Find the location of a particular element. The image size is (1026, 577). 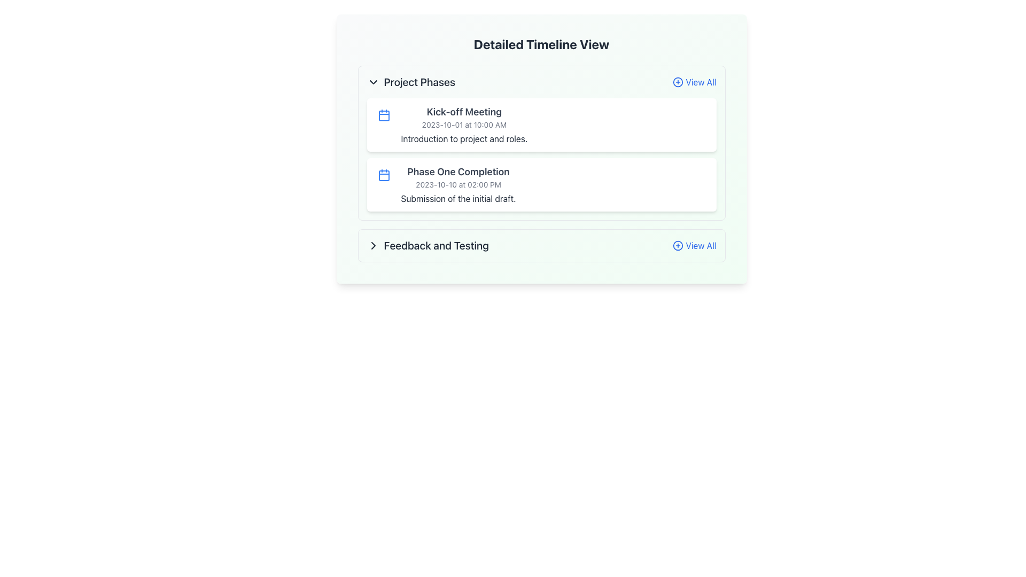

the interactive icon located on the leftmost side of the 'Feedback and Testing' label is located at coordinates (373, 245).